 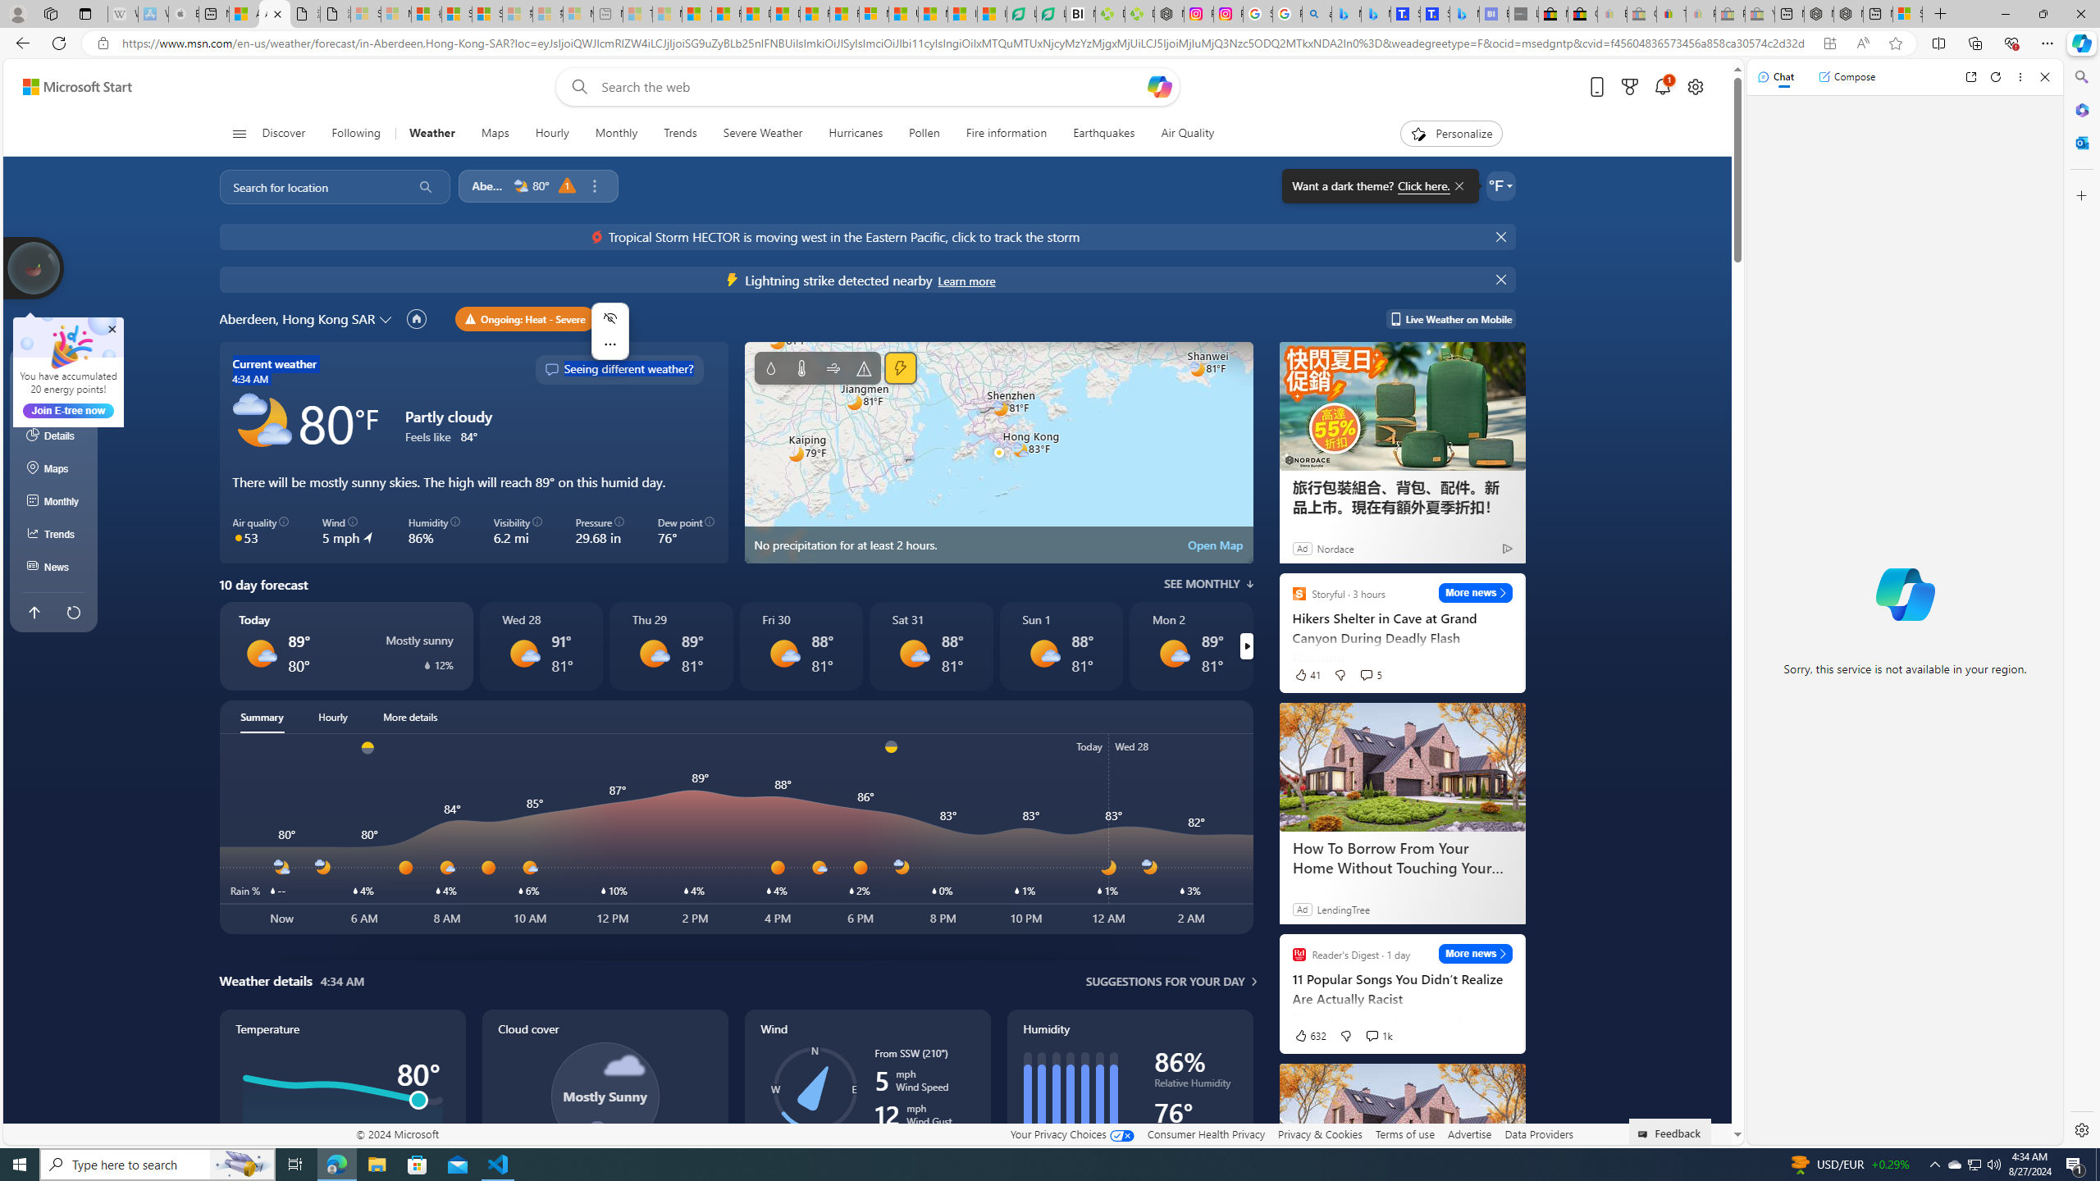 I want to click on 'Open Map', so click(x=1215, y=544).